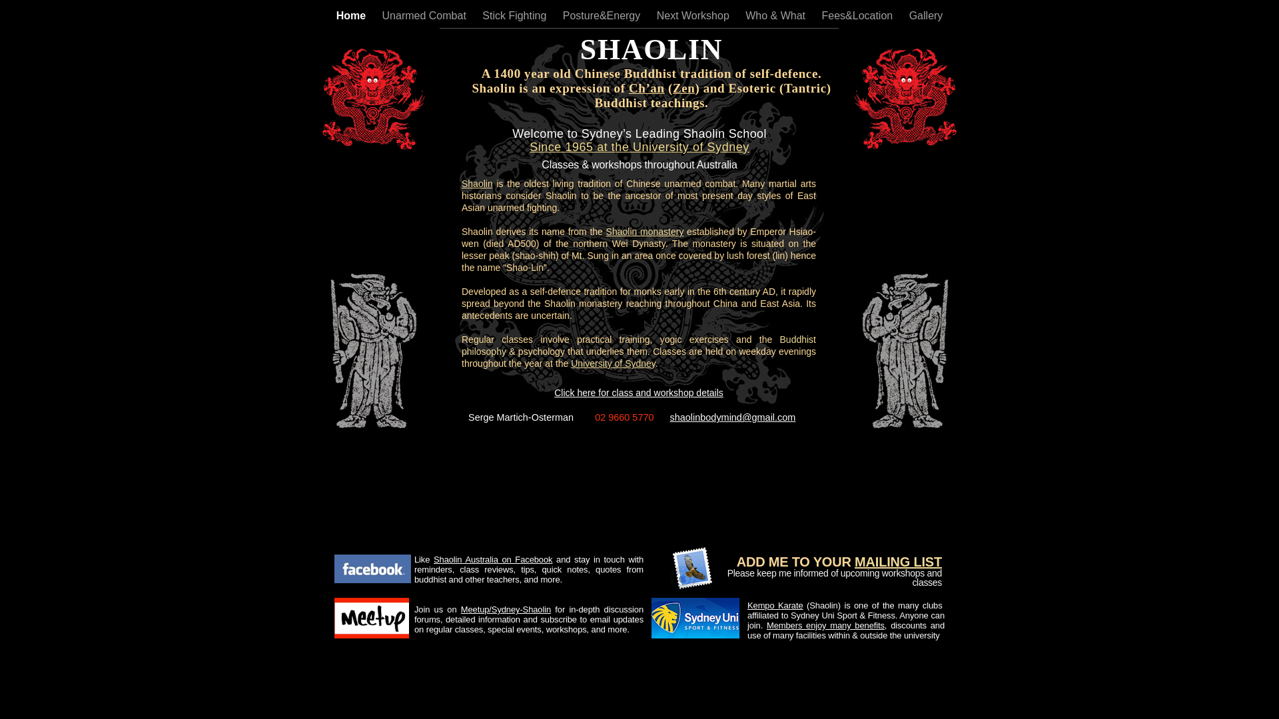  I want to click on 'Click here for class and workshop details', so click(638, 392).